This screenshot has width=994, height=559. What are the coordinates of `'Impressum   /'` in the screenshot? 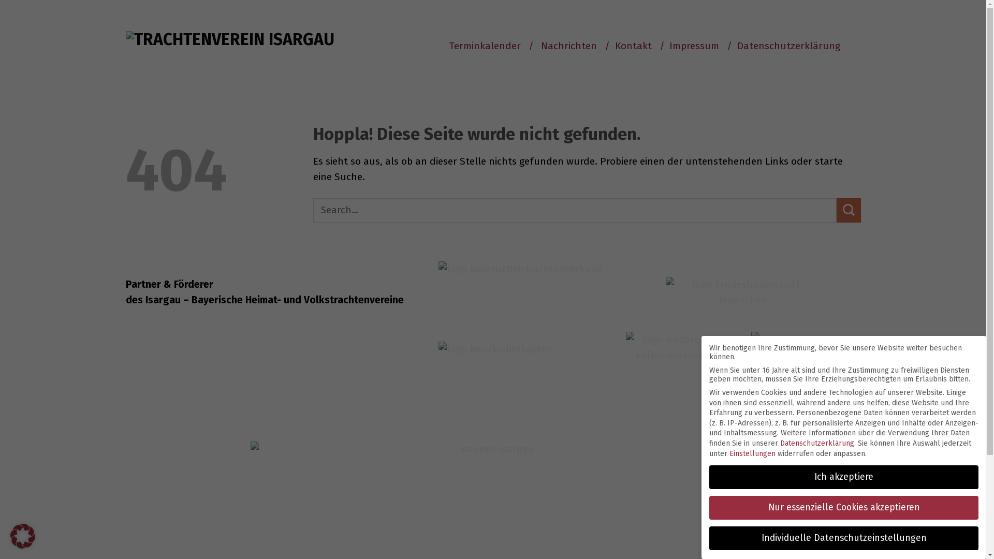 It's located at (700, 45).